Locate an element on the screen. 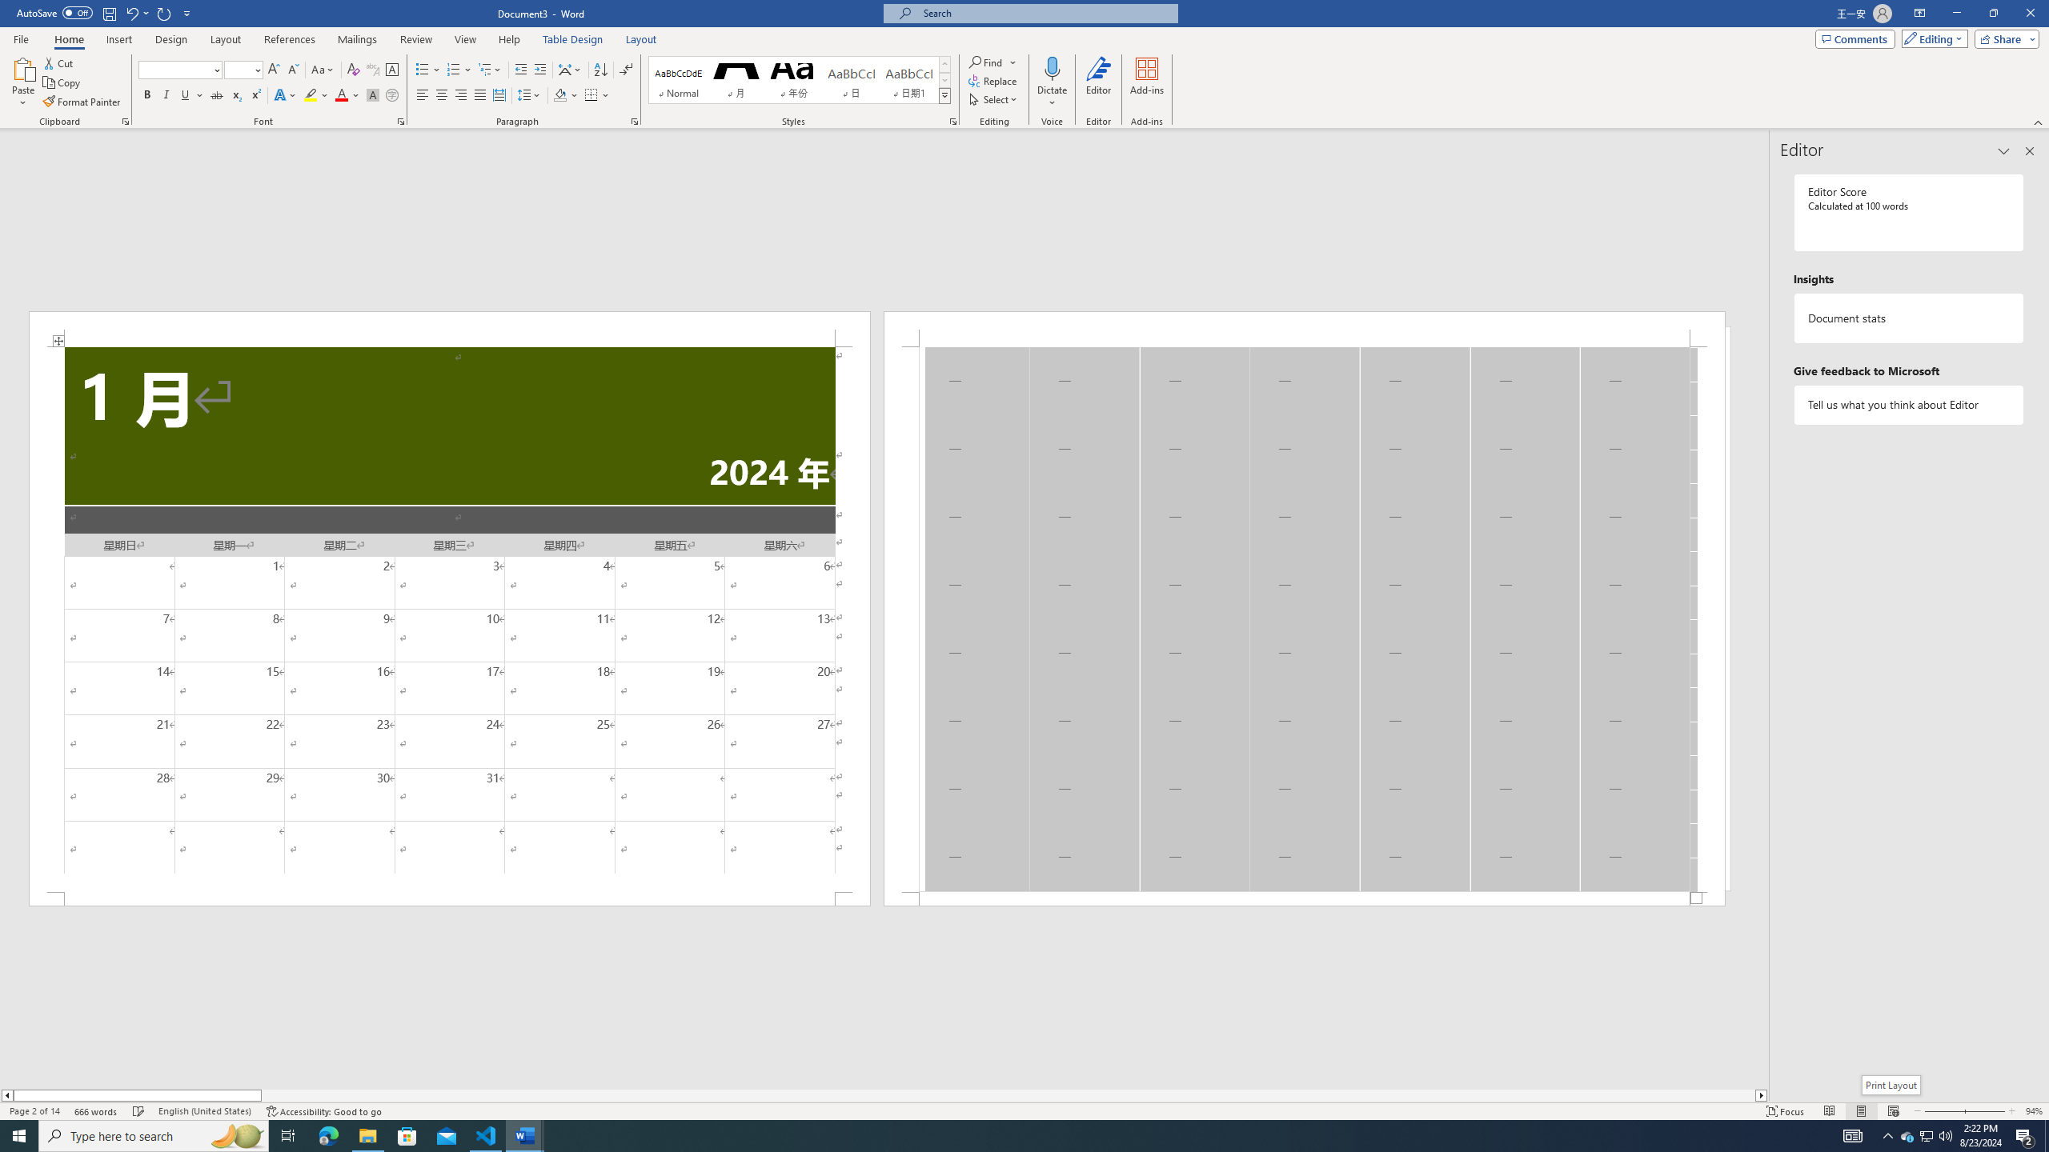  'Shrink Font' is located at coordinates (293, 70).